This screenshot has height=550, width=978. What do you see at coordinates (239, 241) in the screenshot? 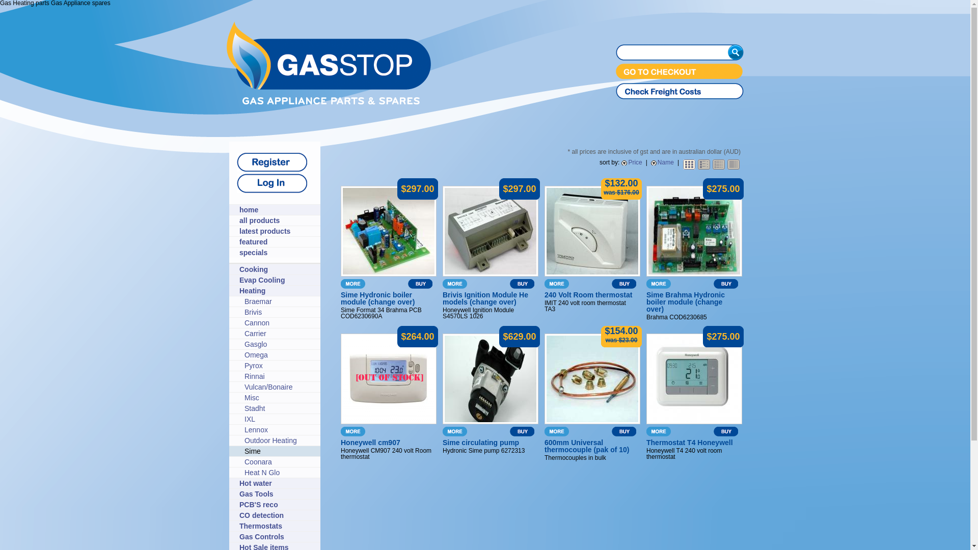
I see `'featured'` at bounding box center [239, 241].